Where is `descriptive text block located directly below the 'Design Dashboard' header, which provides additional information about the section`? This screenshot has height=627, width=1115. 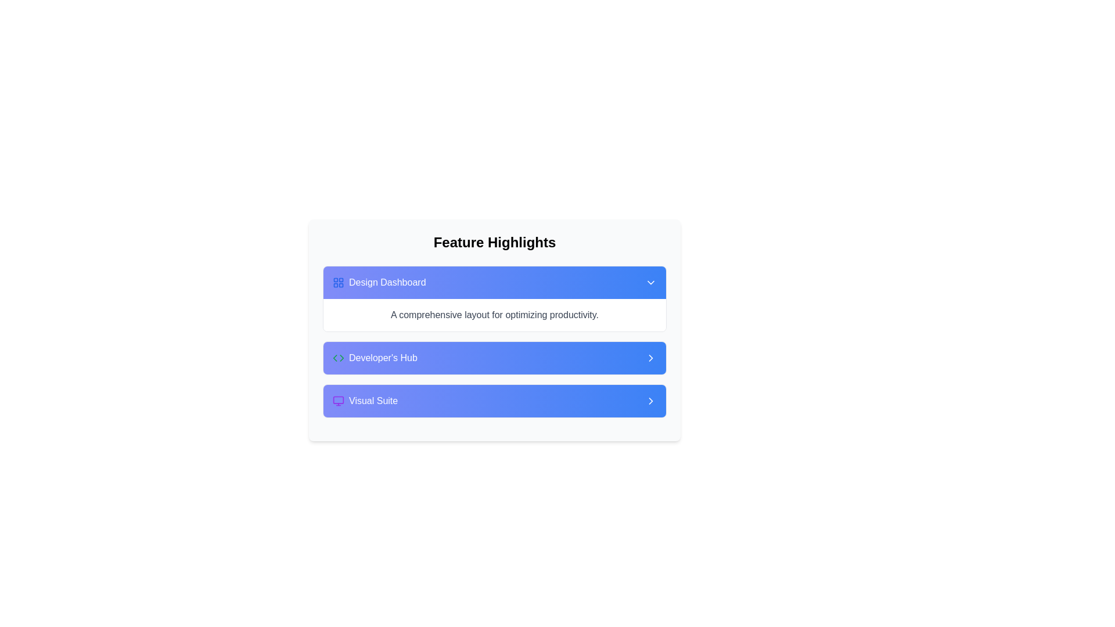 descriptive text block located directly below the 'Design Dashboard' header, which provides additional information about the section is located at coordinates (494, 315).